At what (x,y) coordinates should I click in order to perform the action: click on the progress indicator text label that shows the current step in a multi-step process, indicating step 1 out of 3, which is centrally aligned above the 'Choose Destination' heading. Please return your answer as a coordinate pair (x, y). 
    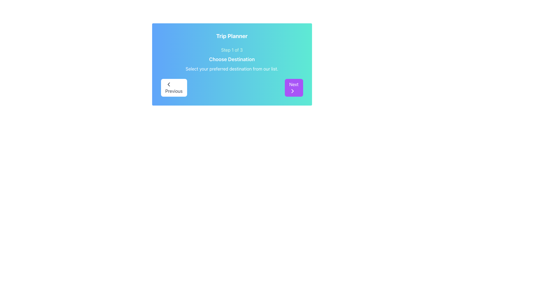
    Looking at the image, I should click on (232, 50).